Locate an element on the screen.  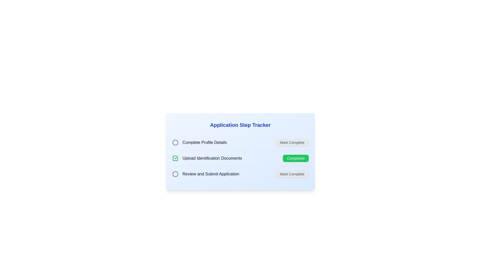
the informational label in the 'Application Step Tracker' section, located to the right of a circular icon is located at coordinates (204, 142).